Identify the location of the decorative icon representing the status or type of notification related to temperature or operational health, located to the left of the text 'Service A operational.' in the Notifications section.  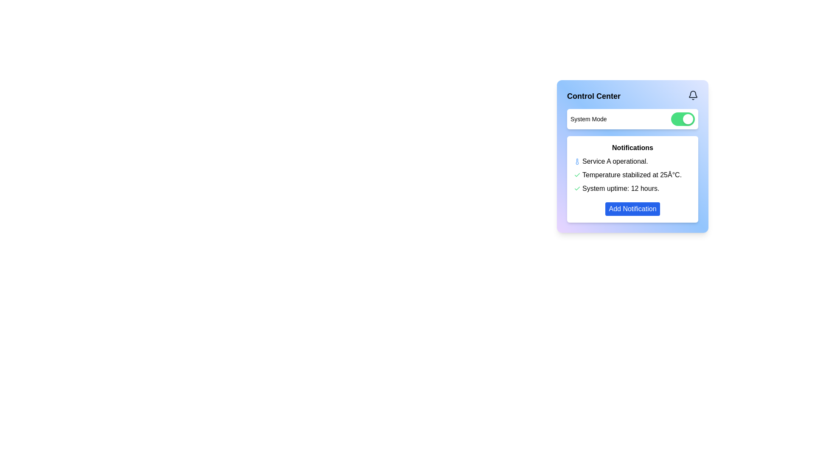
(577, 162).